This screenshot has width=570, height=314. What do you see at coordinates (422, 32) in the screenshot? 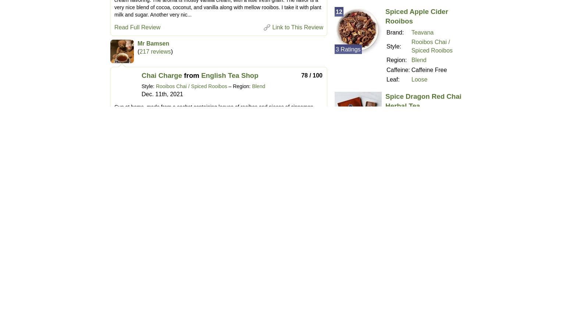
I see `'Teavana'` at bounding box center [422, 32].